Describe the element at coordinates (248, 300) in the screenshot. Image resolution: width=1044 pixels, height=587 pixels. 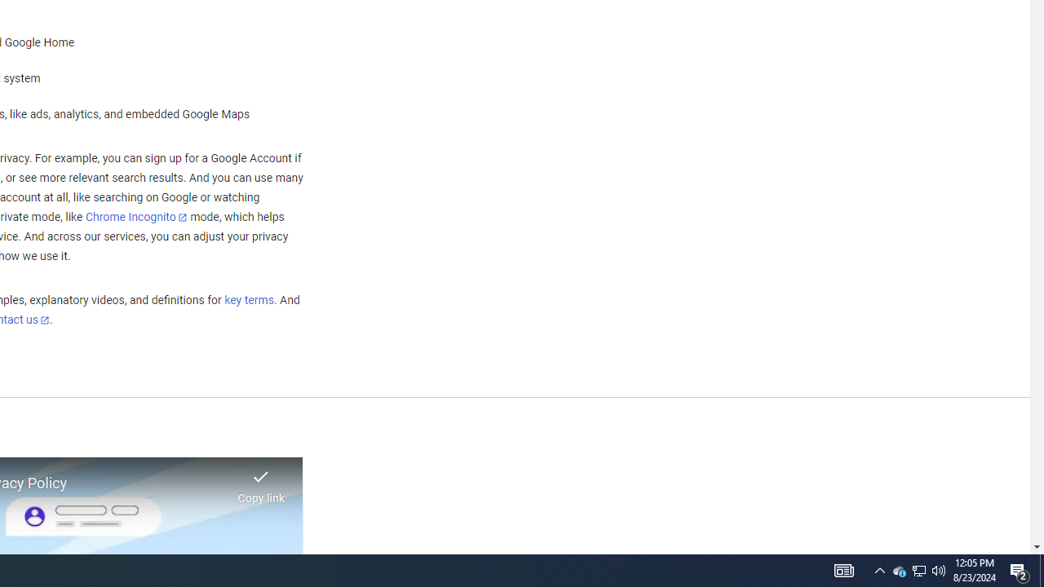
I see `'key terms'` at that location.